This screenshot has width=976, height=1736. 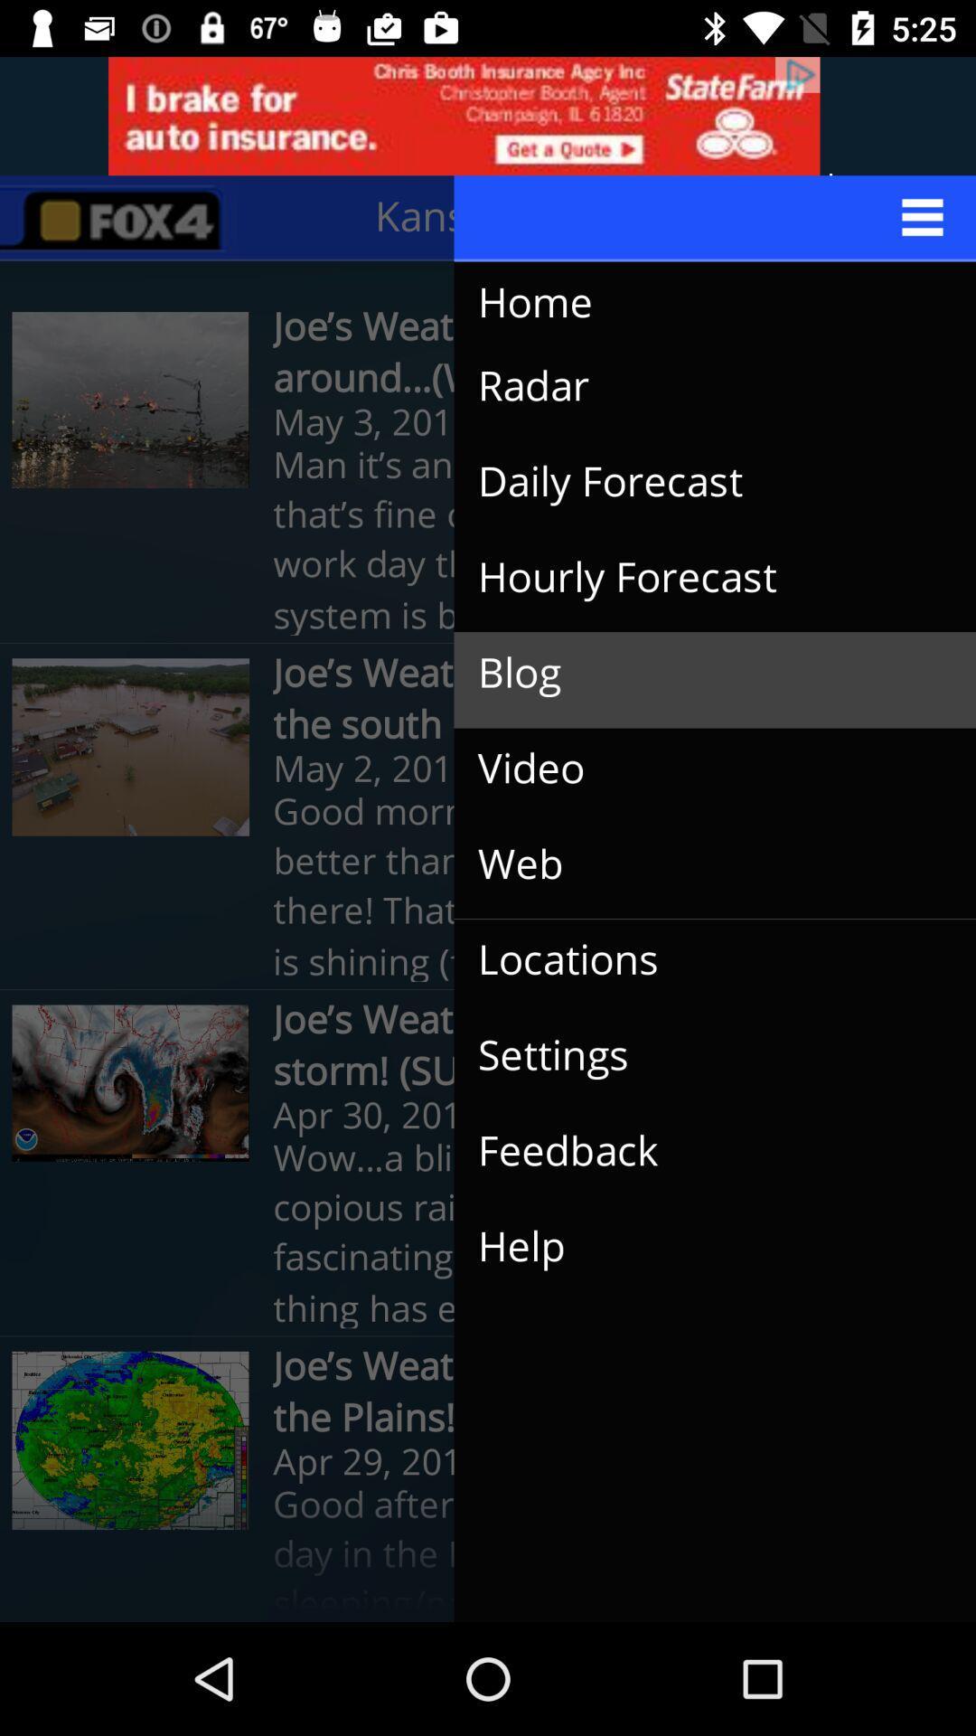 What do you see at coordinates (699, 385) in the screenshot?
I see `the radar item` at bounding box center [699, 385].